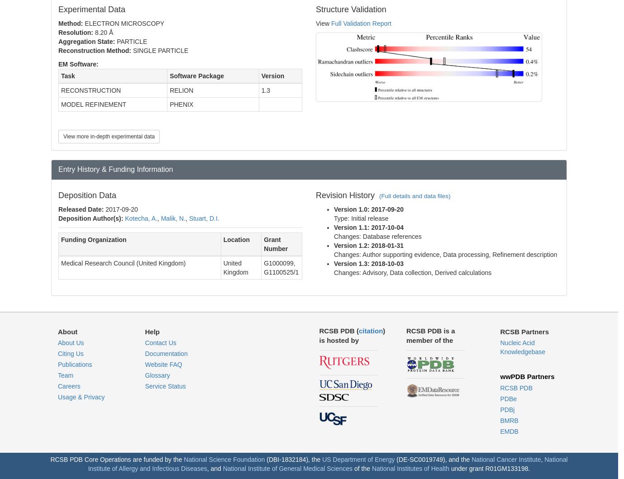  Describe the element at coordinates (87, 195) in the screenshot. I see `'Deposition Data'` at that location.